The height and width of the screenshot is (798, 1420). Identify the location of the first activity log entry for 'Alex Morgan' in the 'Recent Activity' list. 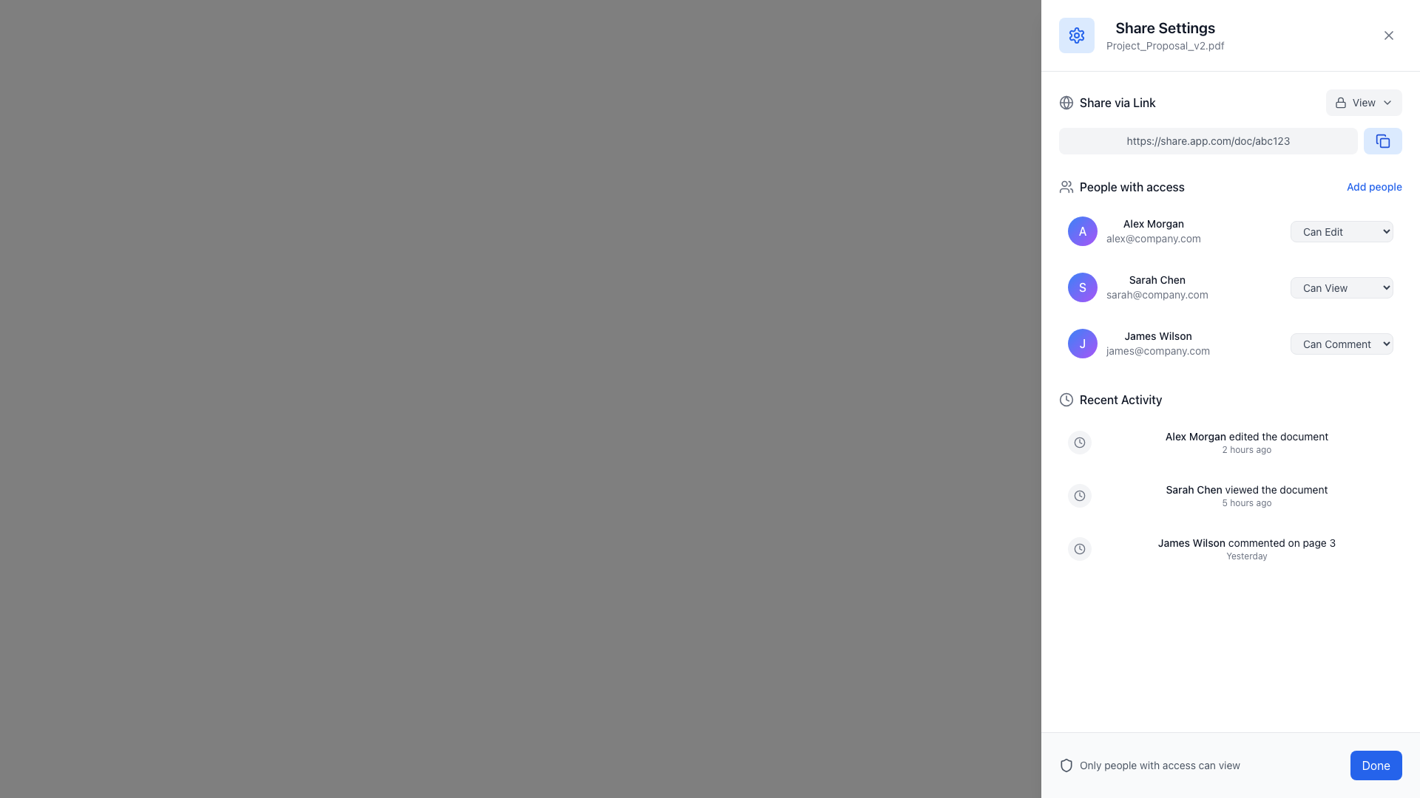
(1231, 441).